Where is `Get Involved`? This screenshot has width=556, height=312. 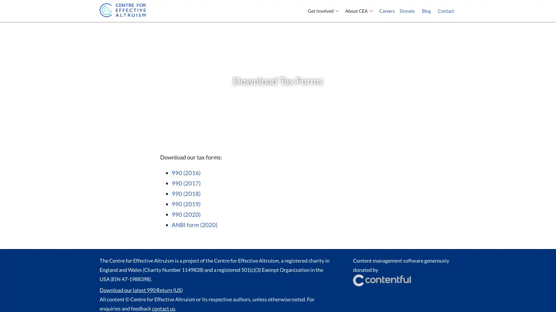 Get Involved is located at coordinates (324, 11).